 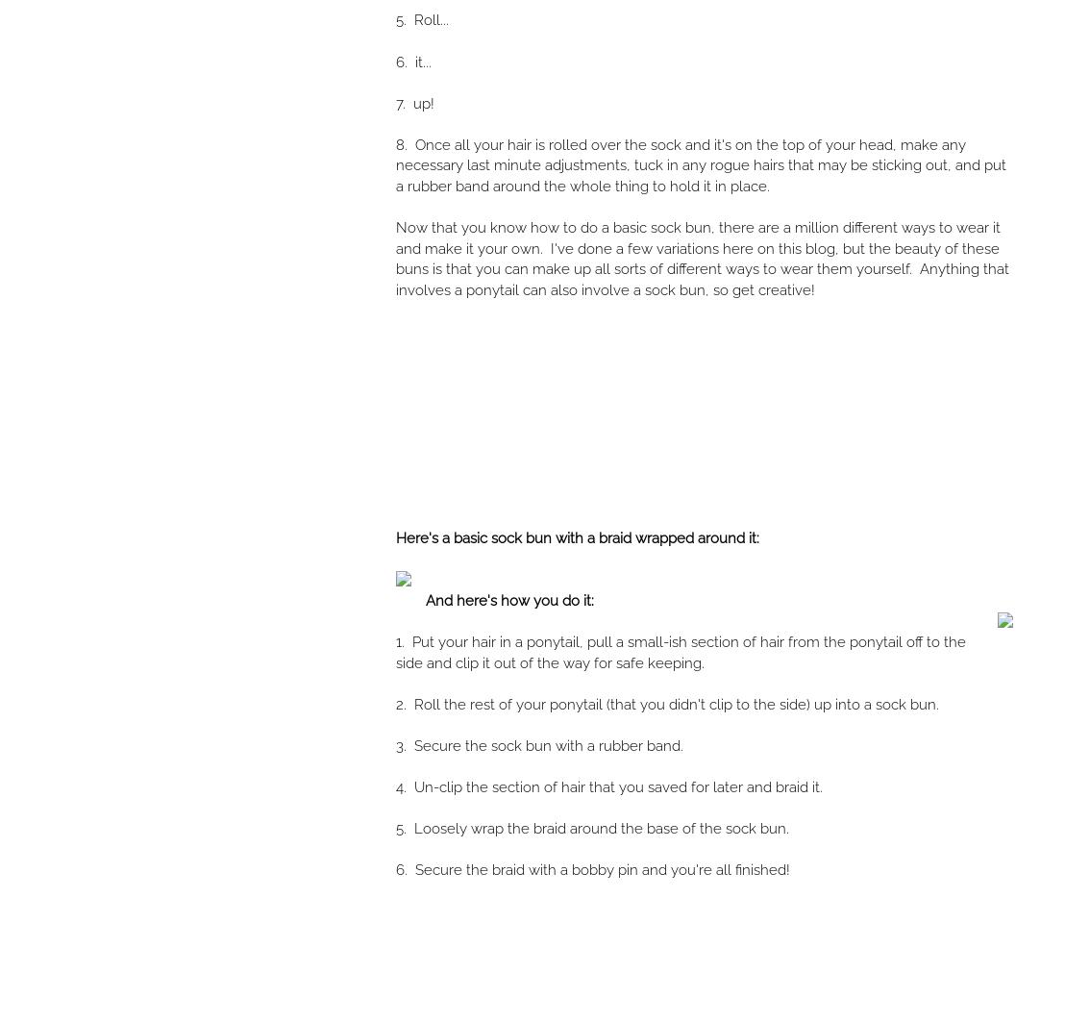 I want to click on '4.  Un-clip the section of hair that you saved for later and braid it.', so click(x=395, y=786).